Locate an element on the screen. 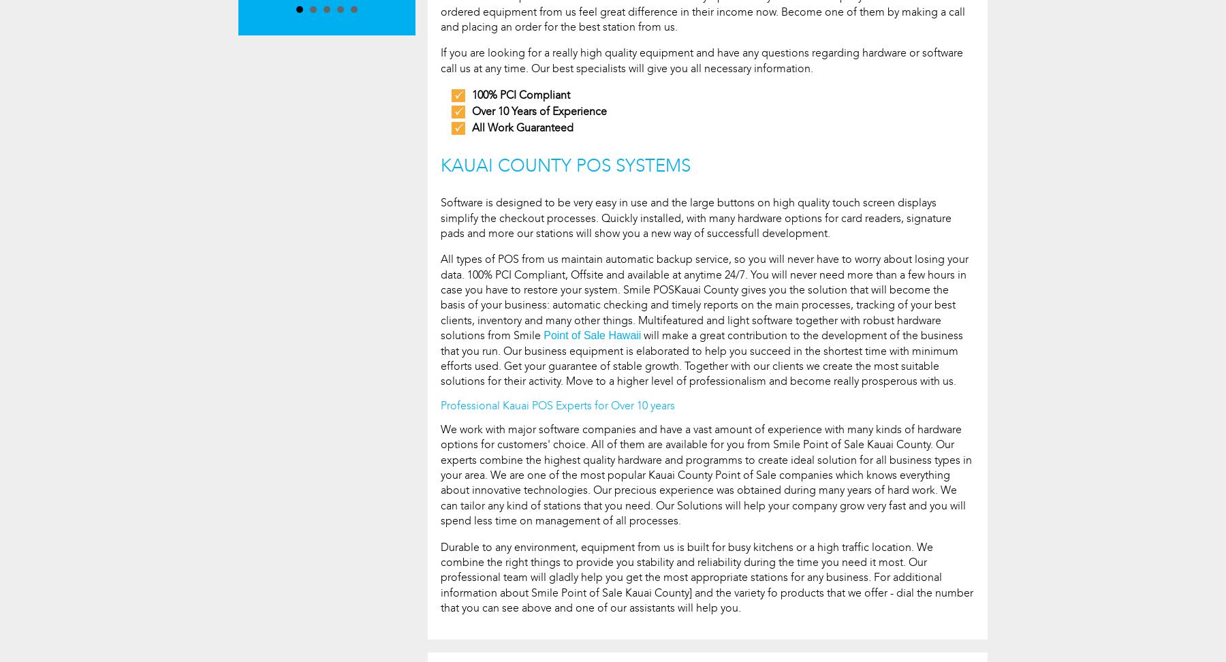  '100% PCI Compliant' is located at coordinates (520, 95).